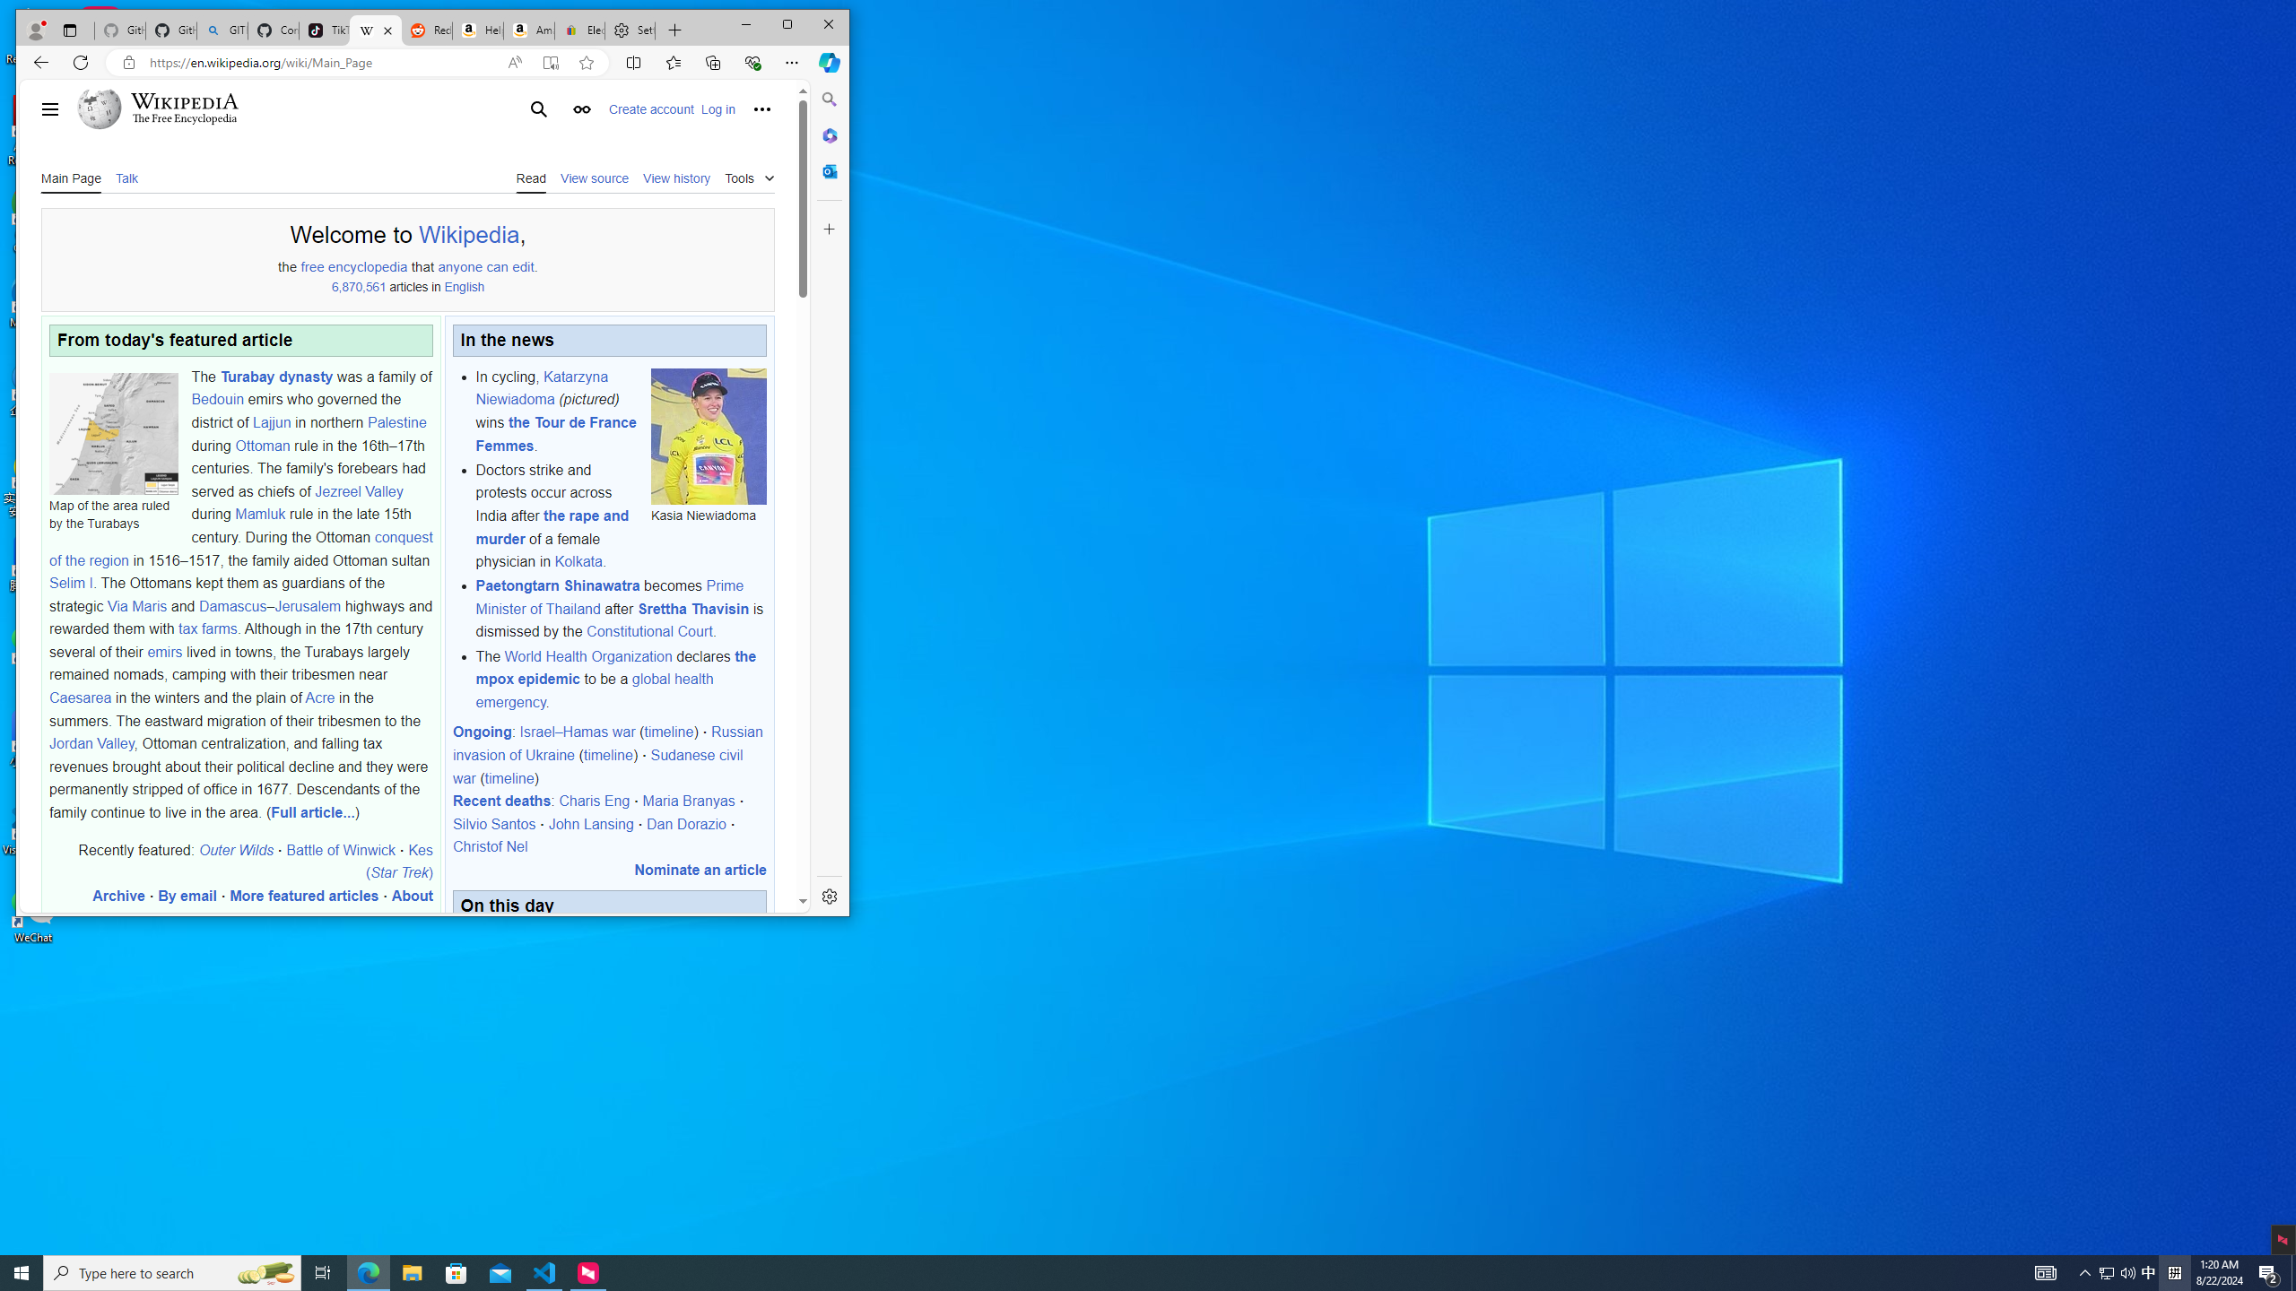 The height and width of the screenshot is (1291, 2296). What do you see at coordinates (699, 869) in the screenshot?
I see `'Nominate an article'` at bounding box center [699, 869].